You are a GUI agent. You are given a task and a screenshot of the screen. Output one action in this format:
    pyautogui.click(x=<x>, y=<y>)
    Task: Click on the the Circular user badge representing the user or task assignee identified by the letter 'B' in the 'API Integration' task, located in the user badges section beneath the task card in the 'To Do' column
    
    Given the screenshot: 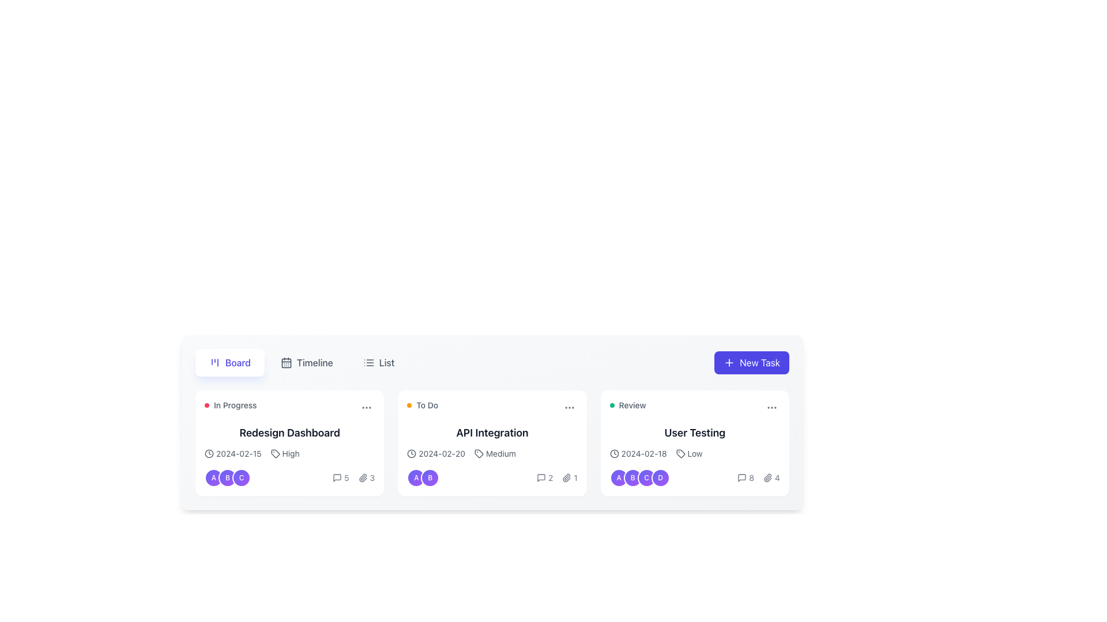 What is the action you would take?
    pyautogui.click(x=430, y=477)
    